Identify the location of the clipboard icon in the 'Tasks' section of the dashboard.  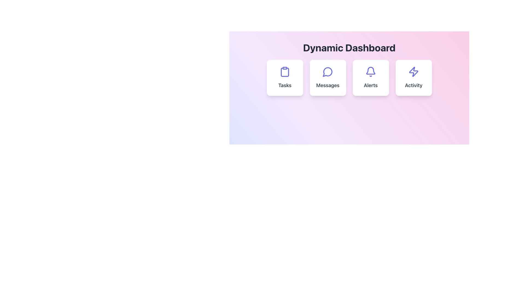
(284, 71).